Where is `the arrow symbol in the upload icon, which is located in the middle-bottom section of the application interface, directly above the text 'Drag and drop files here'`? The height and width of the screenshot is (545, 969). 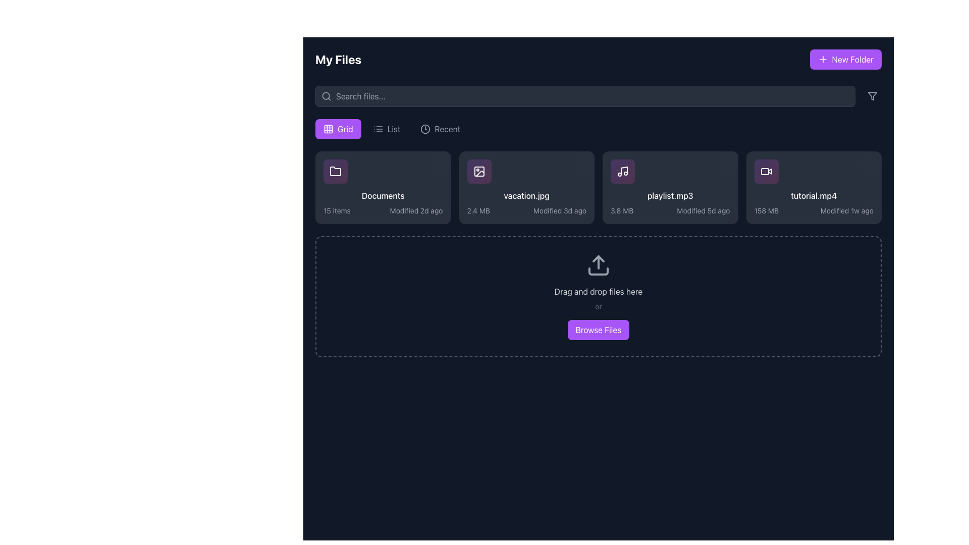
the arrow symbol in the upload icon, which is located in the middle-bottom section of the application interface, directly above the text 'Drag and drop files here' is located at coordinates (598, 258).